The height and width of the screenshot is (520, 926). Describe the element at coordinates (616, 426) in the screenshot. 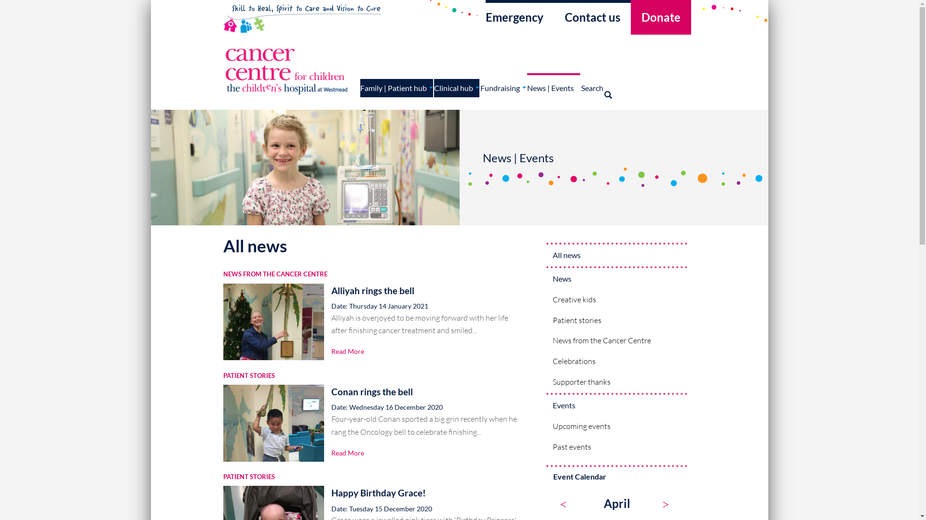

I see `'Upcoming events'` at that location.